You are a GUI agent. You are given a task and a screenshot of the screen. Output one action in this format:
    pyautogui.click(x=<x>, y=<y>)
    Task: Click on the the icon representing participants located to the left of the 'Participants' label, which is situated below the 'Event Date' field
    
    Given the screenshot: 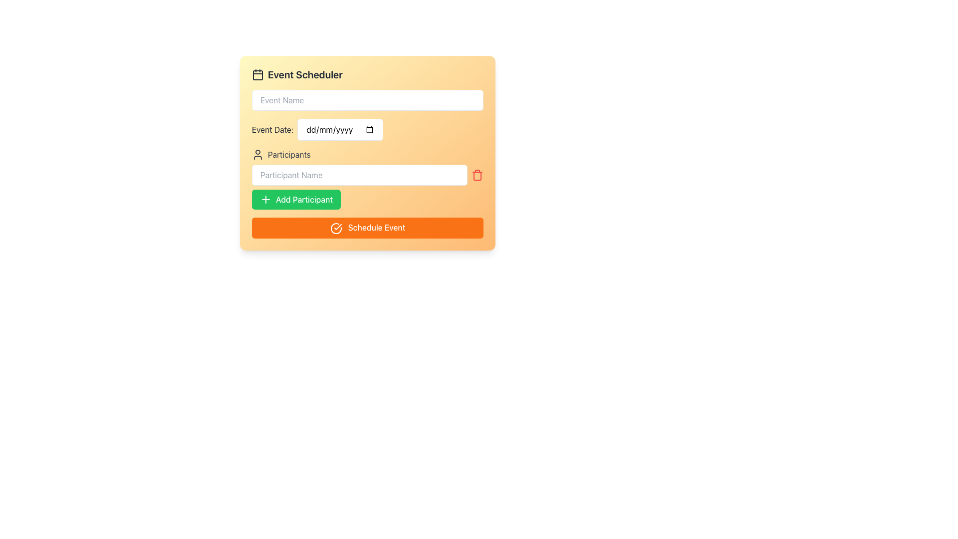 What is the action you would take?
    pyautogui.click(x=258, y=154)
    